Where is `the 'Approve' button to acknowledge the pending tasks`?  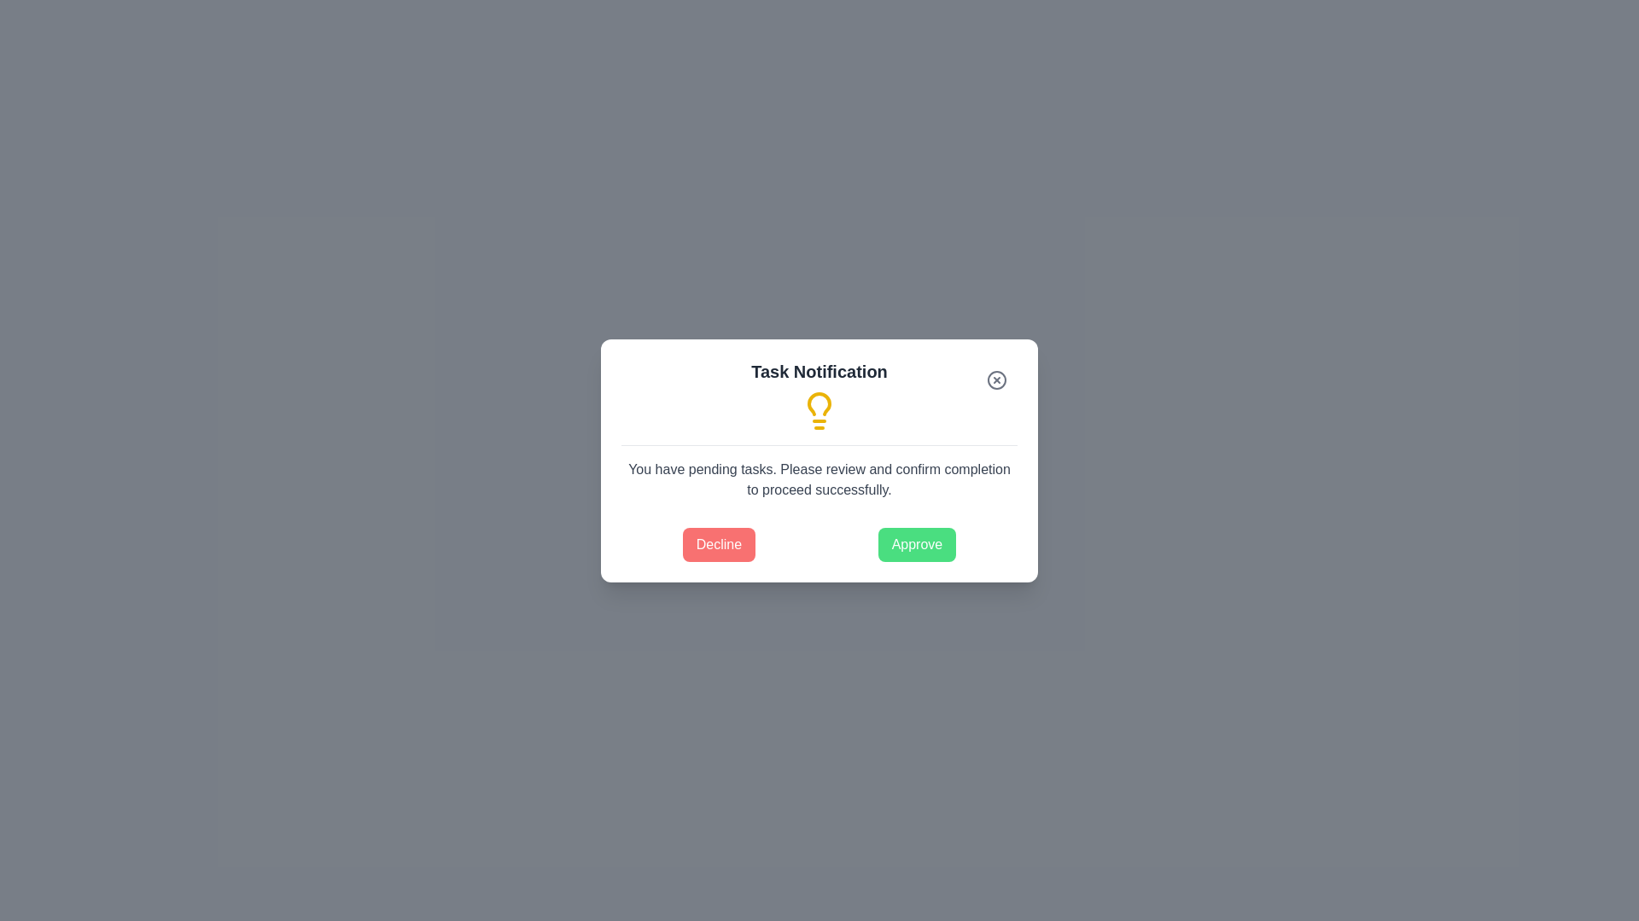 the 'Approve' button to acknowledge the pending tasks is located at coordinates (916, 543).